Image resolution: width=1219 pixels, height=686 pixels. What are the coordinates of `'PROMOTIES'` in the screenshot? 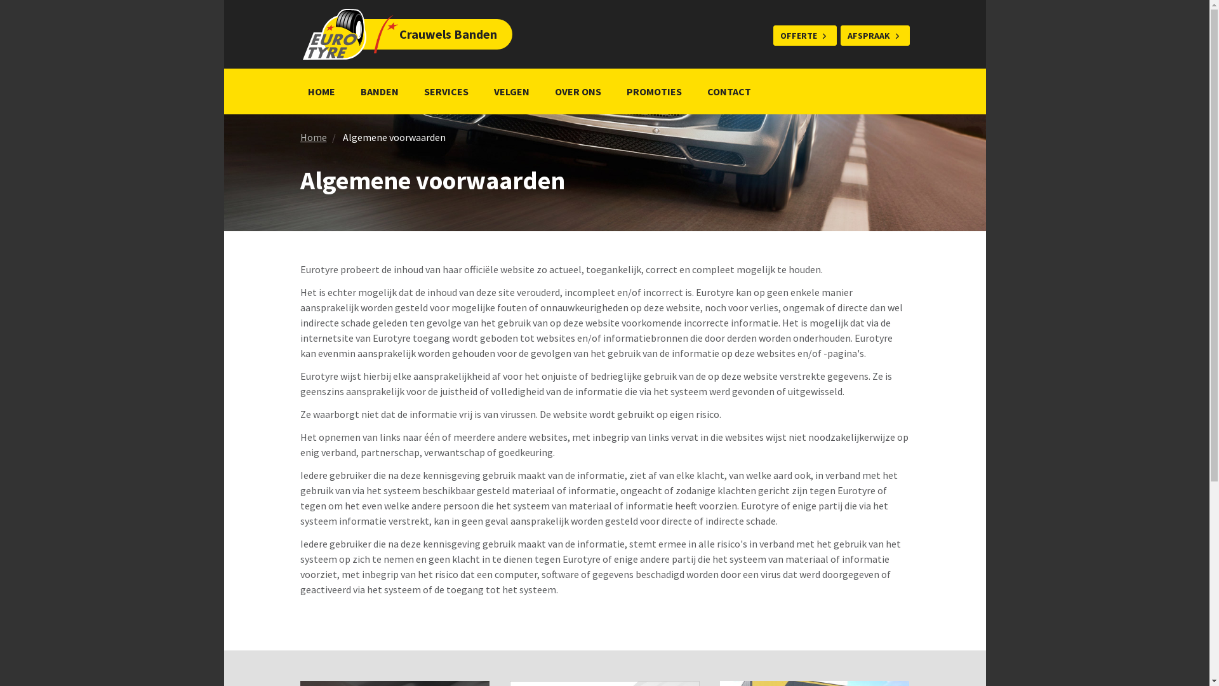 It's located at (653, 90).